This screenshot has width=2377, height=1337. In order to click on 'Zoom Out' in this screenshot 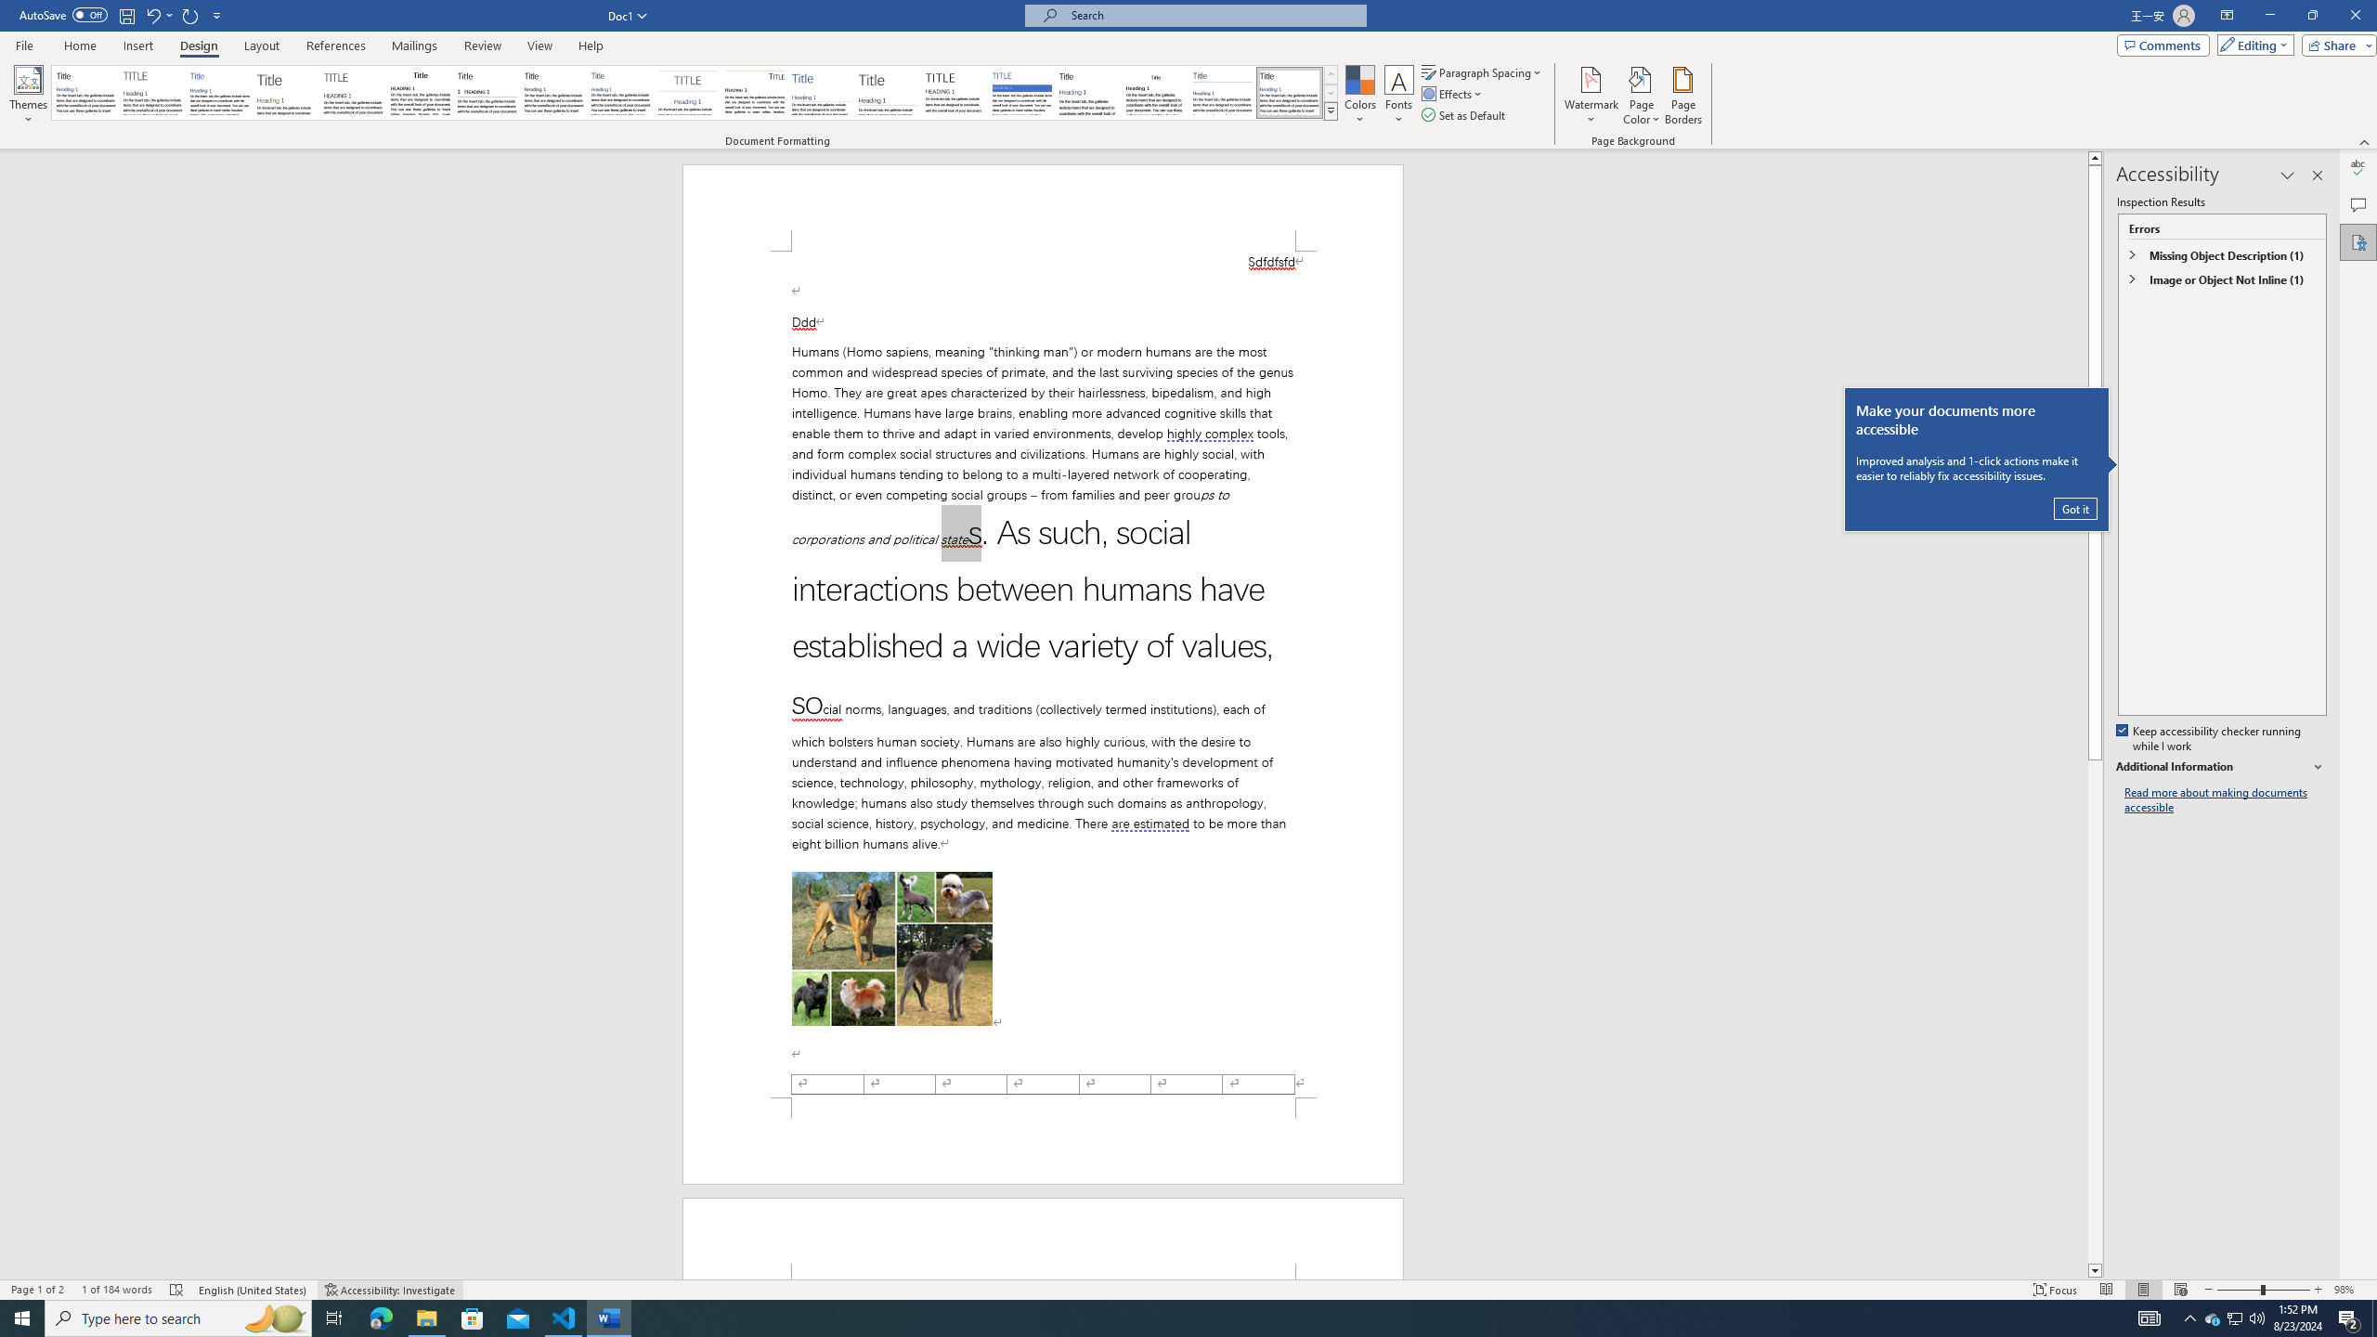, I will do `click(2238, 1290)`.